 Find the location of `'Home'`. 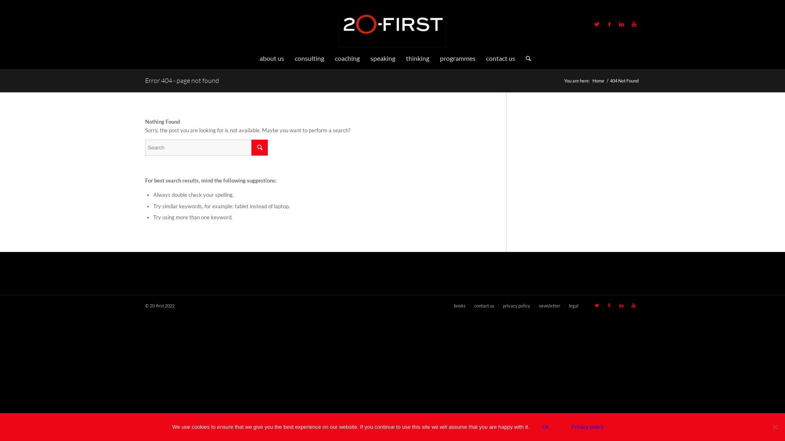

'Home' is located at coordinates (598, 80).